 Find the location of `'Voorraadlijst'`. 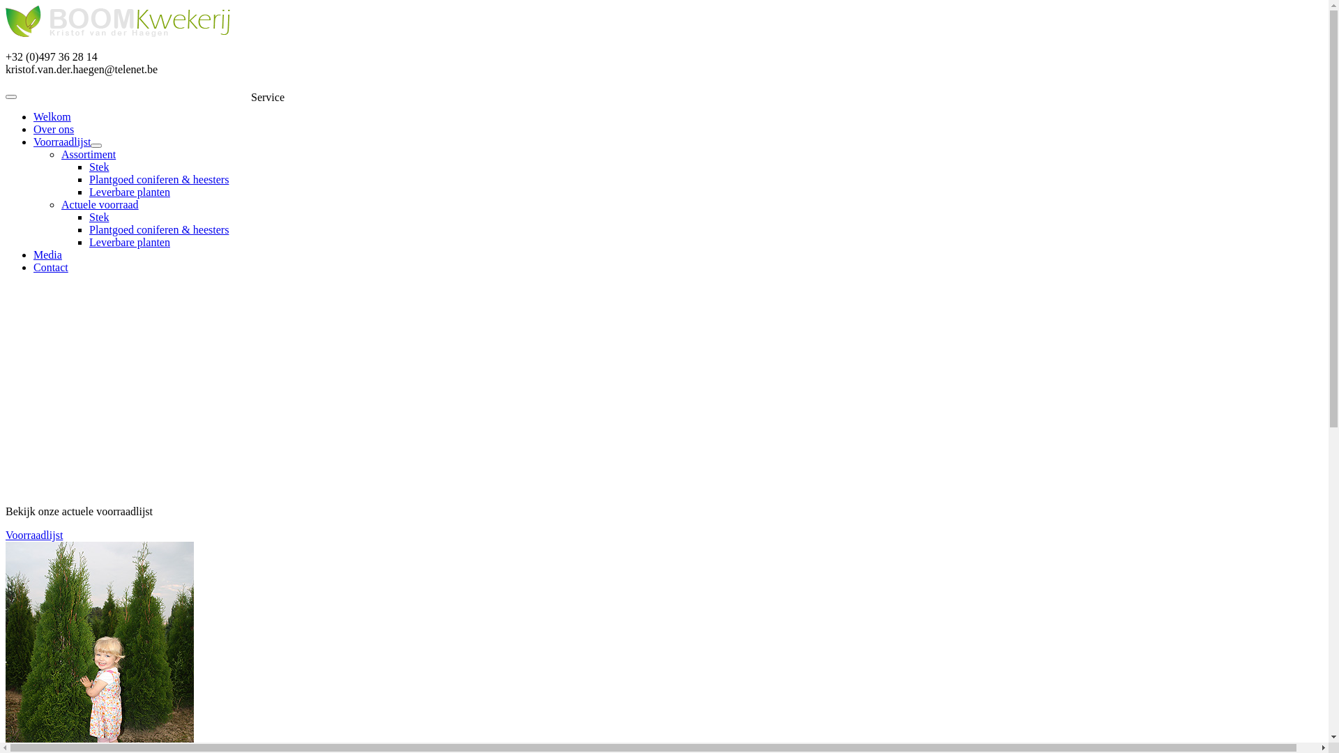

'Voorraadlijst' is located at coordinates (663, 534).